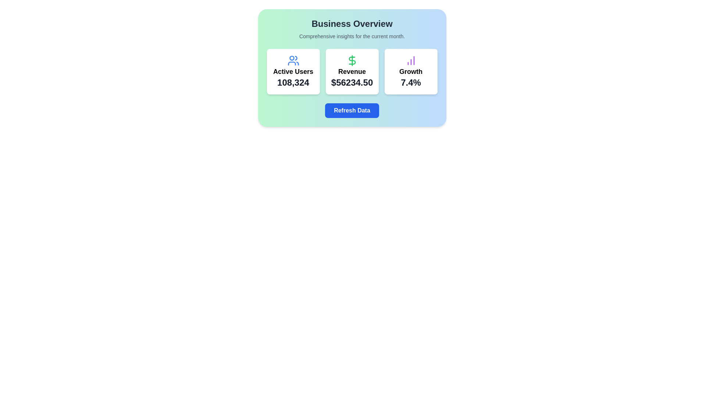  I want to click on displayed value of the Text element showing '108,324' below the label 'Active Users' in the card with a white background, so click(293, 82).